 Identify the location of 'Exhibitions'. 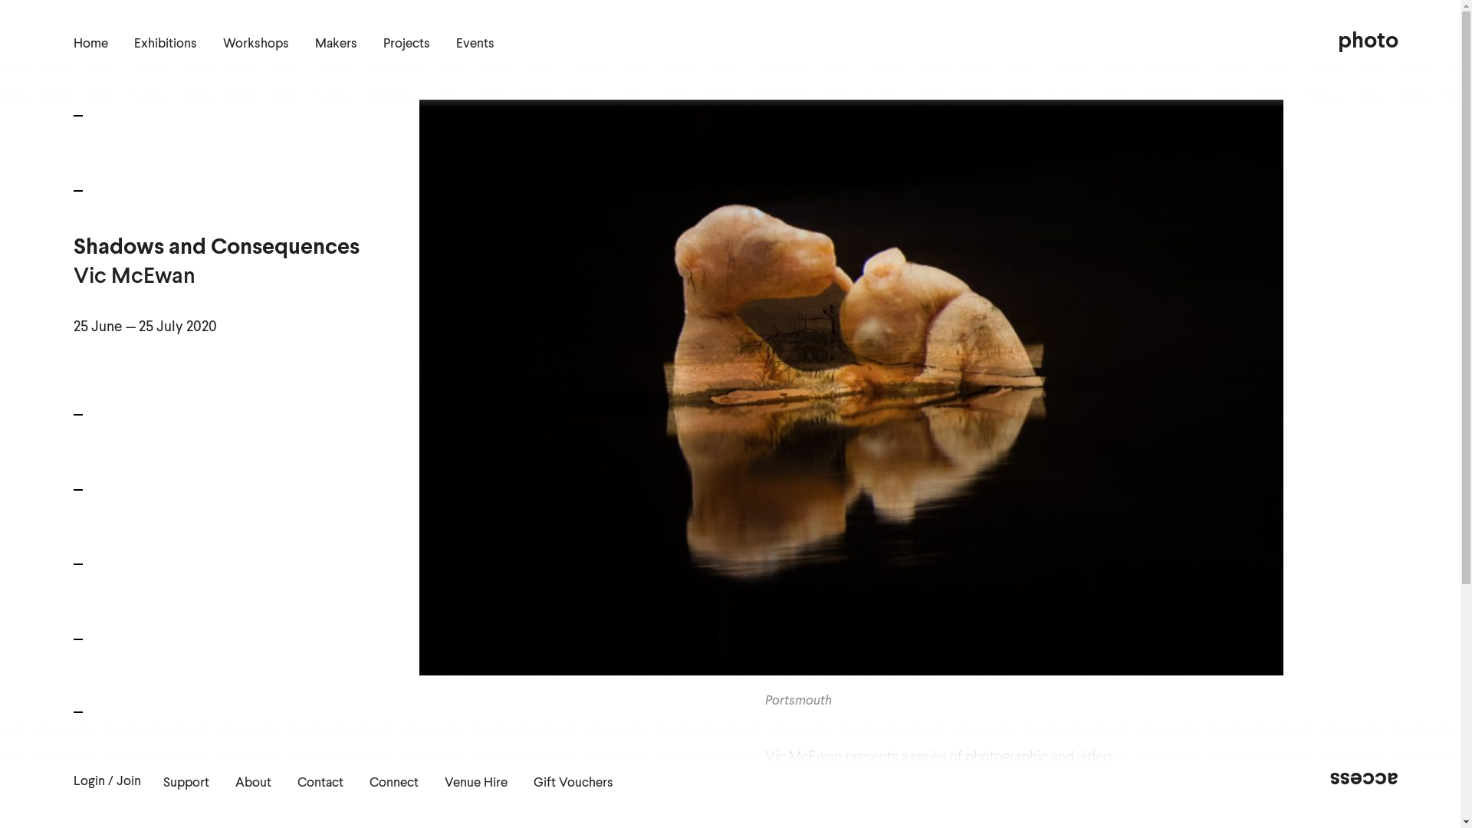
(166, 43).